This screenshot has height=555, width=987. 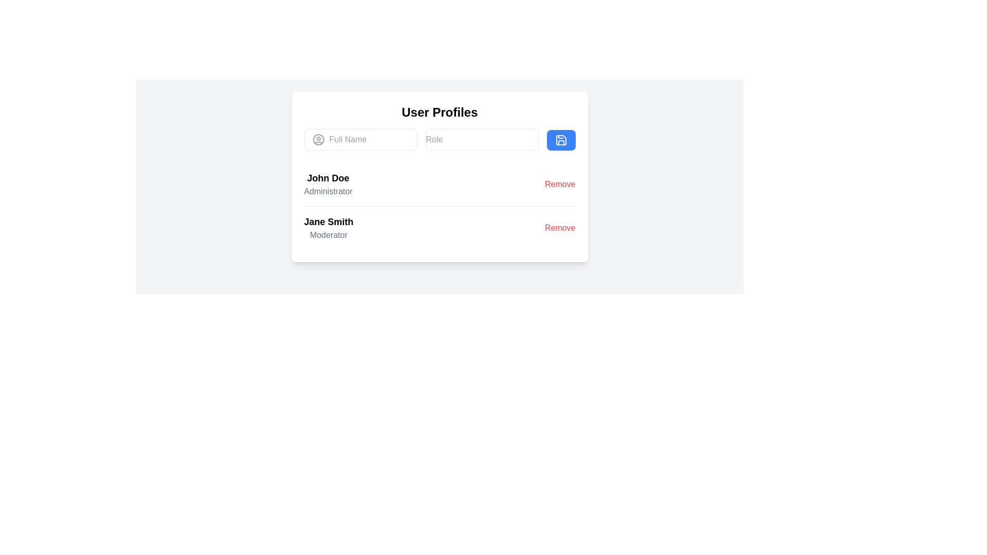 What do you see at coordinates (440, 227) in the screenshot?
I see `the user profile entry for 'Jane Smith - Moderator'` at bounding box center [440, 227].